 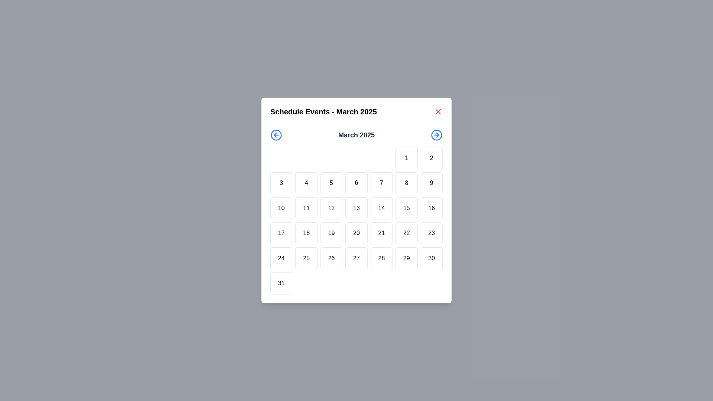 I want to click on the circular Navigation Button with a right arrow icon located in the top-right corner of the calendar interface, so click(x=437, y=135).